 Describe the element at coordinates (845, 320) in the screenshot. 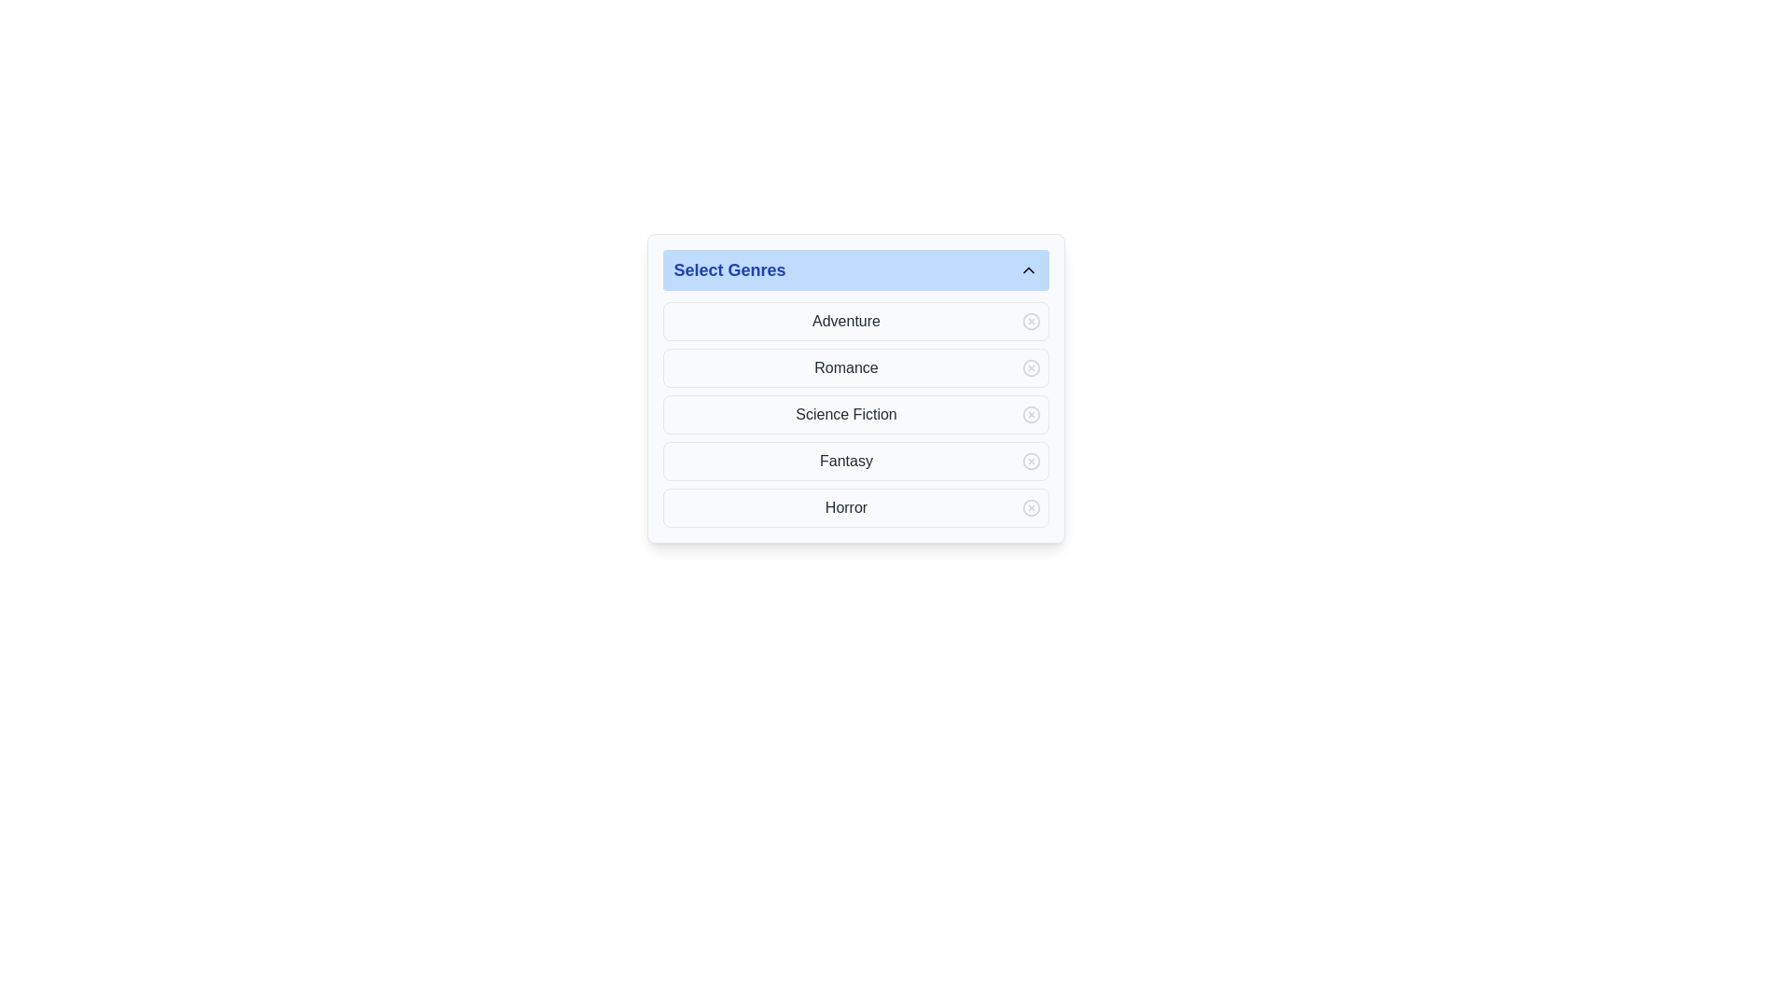

I see `text content of the element displaying 'Adventure', which is the first entry in the list of selectable genres under 'Select Genres'` at that location.